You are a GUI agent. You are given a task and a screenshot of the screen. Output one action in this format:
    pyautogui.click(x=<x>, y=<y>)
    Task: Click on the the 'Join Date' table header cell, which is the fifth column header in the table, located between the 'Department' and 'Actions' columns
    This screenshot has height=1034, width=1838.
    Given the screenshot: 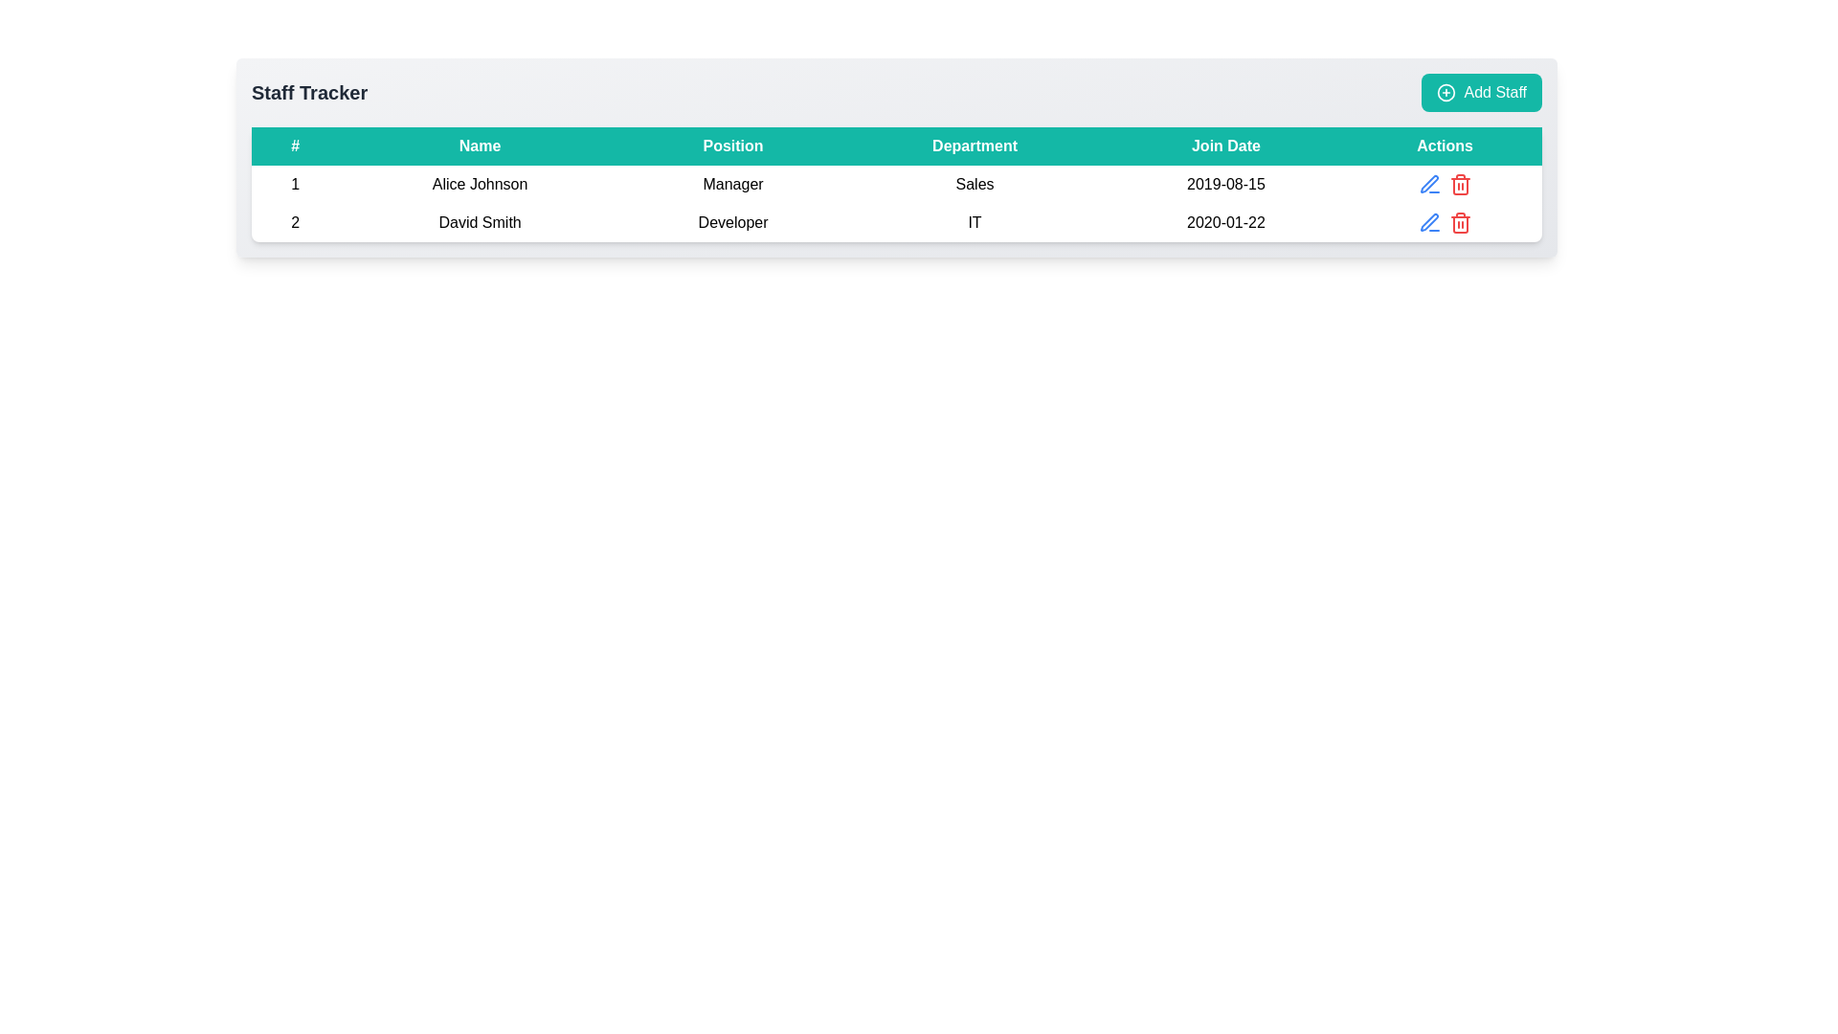 What is the action you would take?
    pyautogui.click(x=1226, y=146)
    